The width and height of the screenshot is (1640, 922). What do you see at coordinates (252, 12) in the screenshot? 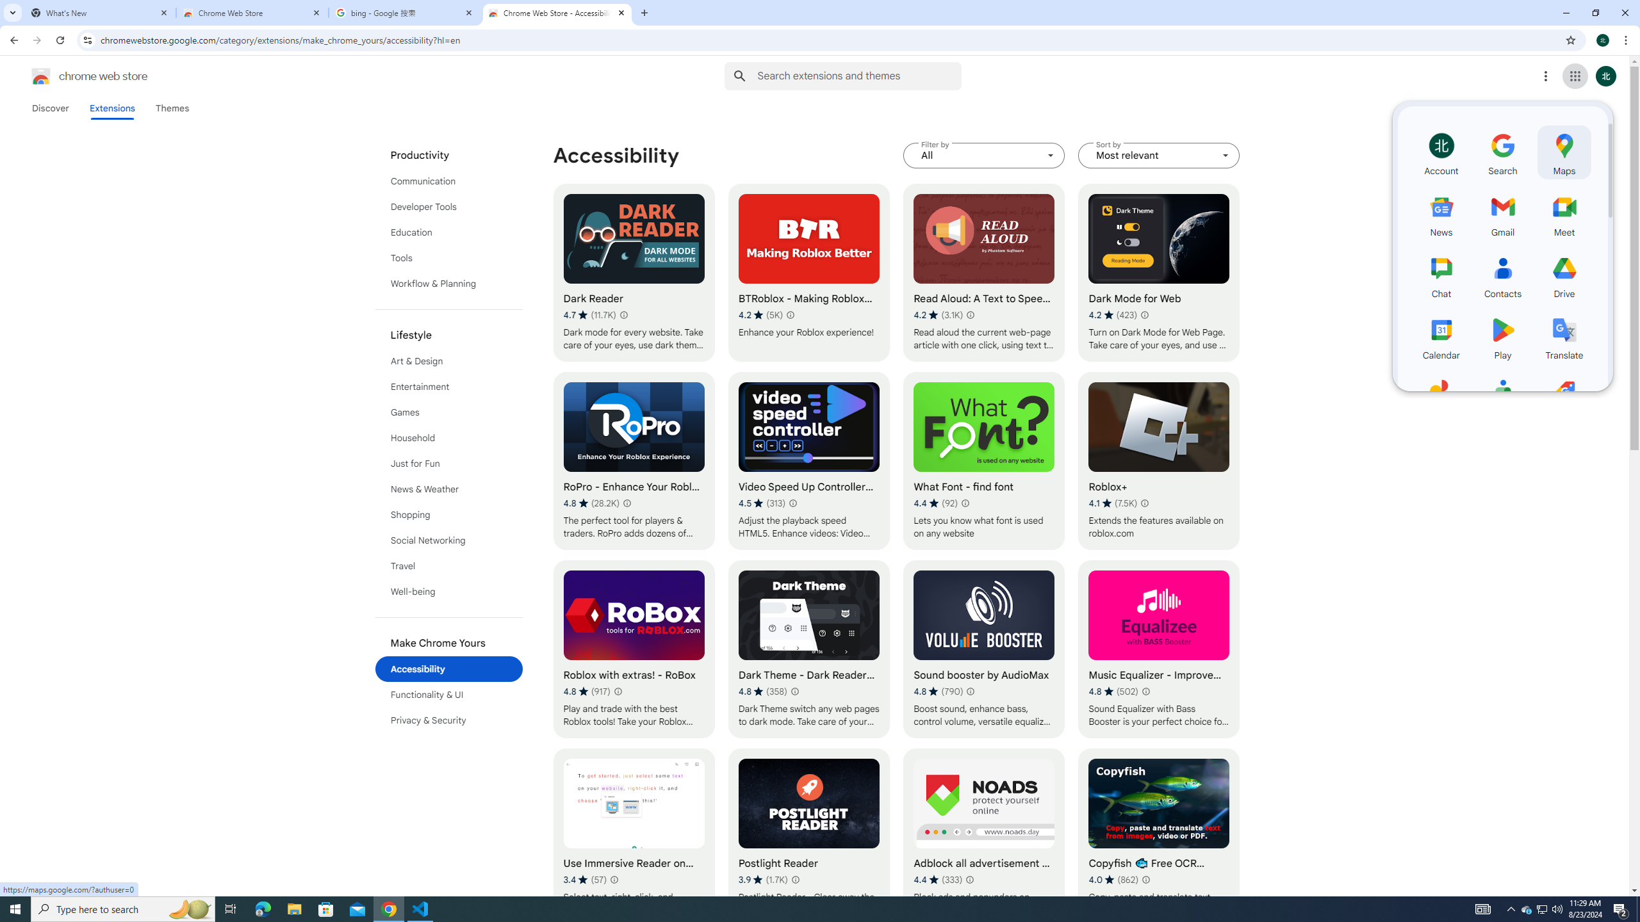
I see `'Chrome Web Store'` at bounding box center [252, 12].